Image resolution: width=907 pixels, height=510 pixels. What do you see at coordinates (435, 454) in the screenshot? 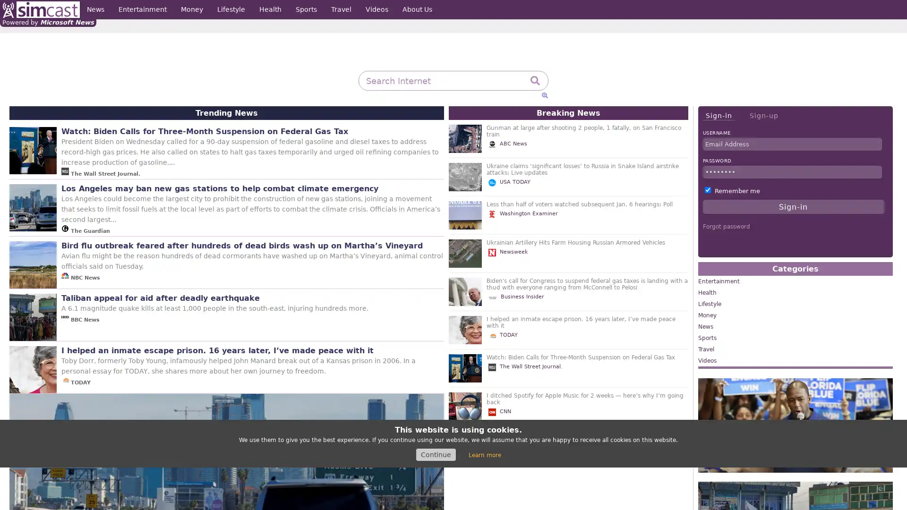
I see `Continue` at bounding box center [435, 454].